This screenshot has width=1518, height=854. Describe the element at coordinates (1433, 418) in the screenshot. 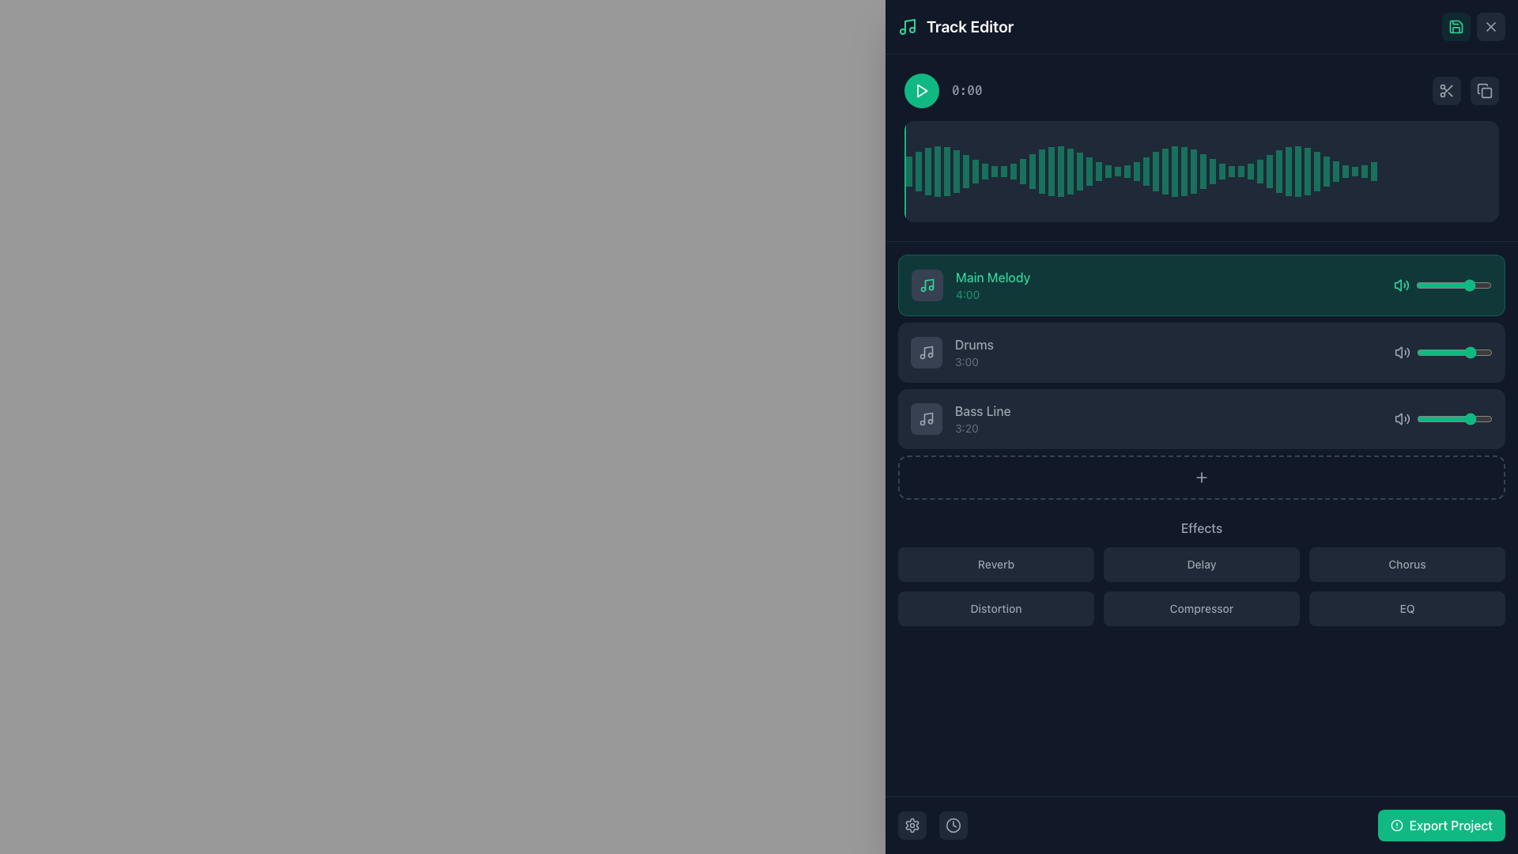

I see `the slider value` at that location.